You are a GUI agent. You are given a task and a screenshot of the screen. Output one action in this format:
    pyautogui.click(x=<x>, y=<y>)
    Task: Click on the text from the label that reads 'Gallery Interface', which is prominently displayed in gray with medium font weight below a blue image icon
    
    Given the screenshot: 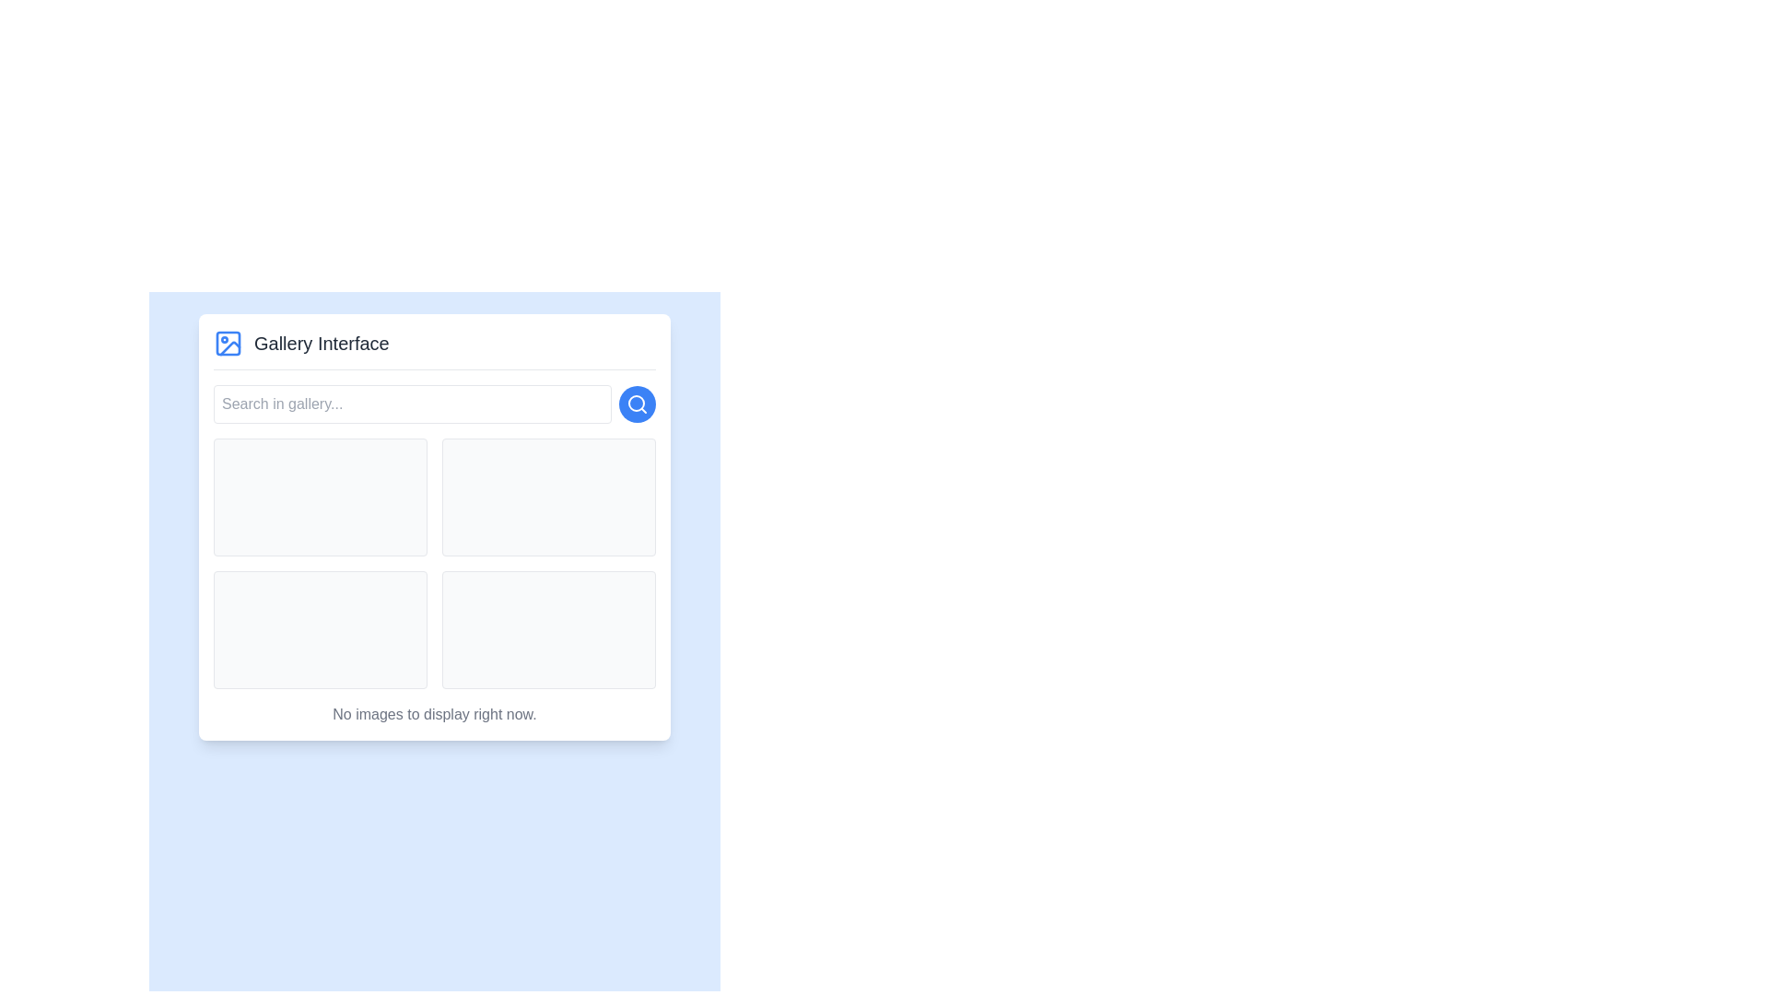 What is the action you would take?
    pyautogui.click(x=322, y=344)
    